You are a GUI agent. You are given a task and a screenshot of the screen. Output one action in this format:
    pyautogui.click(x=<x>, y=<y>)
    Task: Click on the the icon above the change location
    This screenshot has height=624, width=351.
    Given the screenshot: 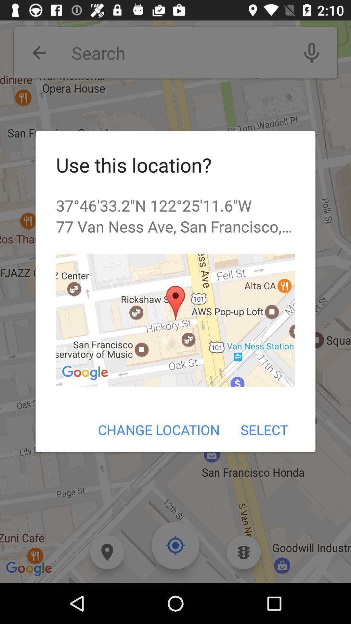 What is the action you would take?
    pyautogui.click(x=175, y=320)
    